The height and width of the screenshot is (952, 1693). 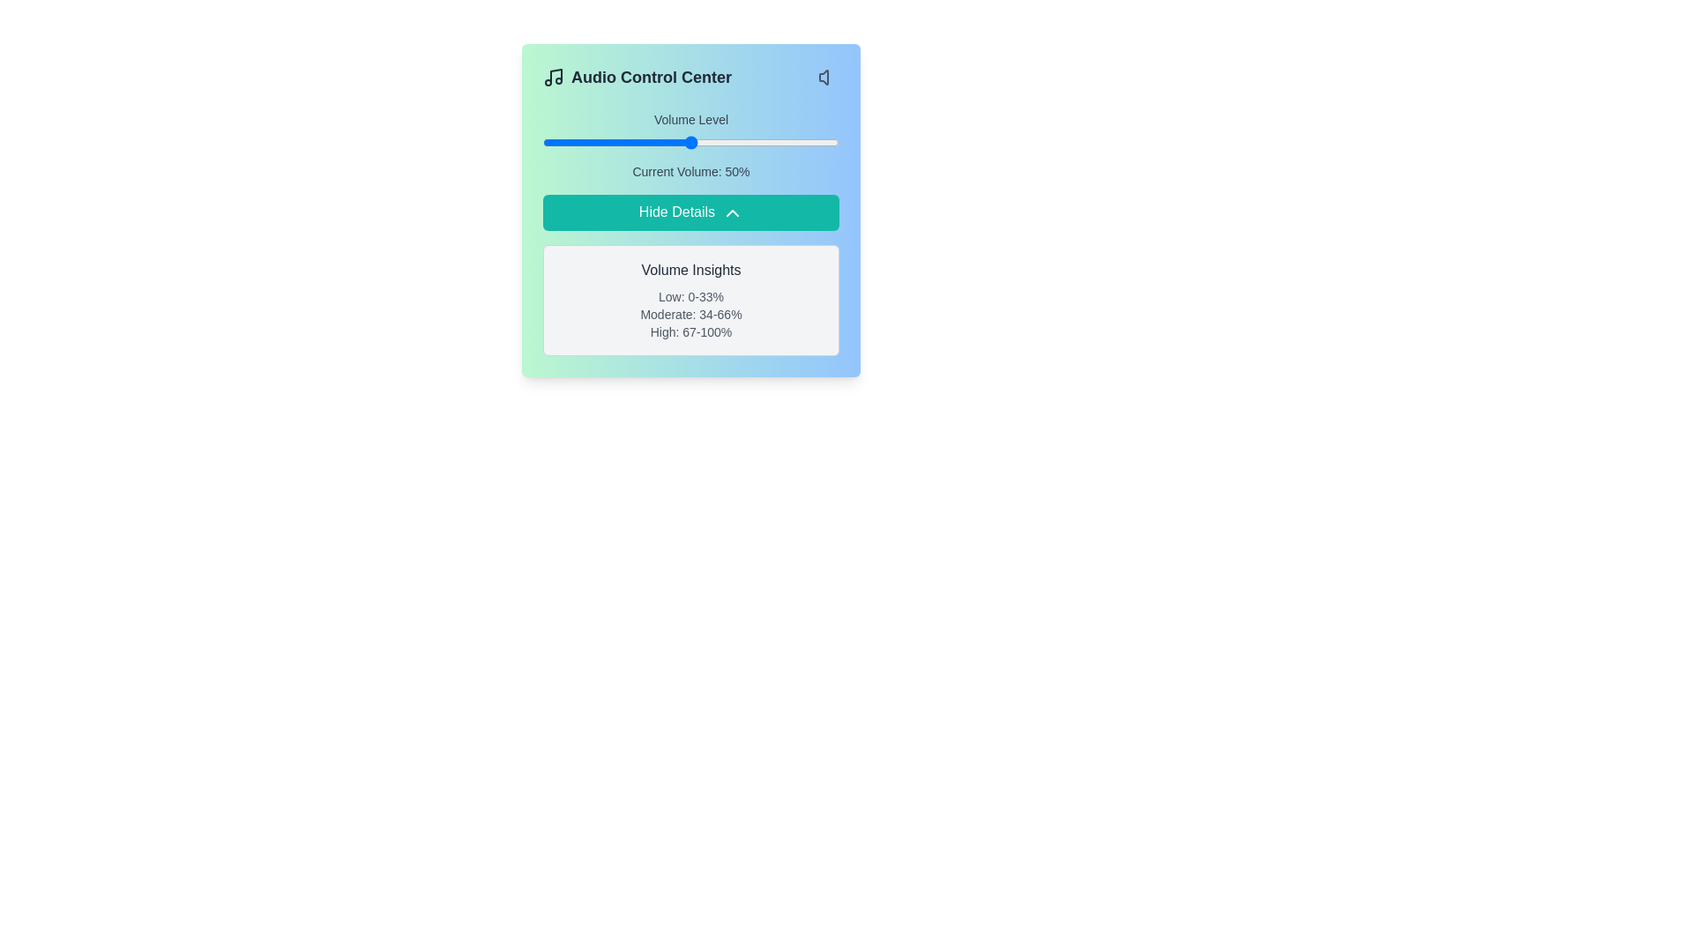 What do you see at coordinates (590, 142) in the screenshot?
I see `the volume slider to set the volume to 16%` at bounding box center [590, 142].